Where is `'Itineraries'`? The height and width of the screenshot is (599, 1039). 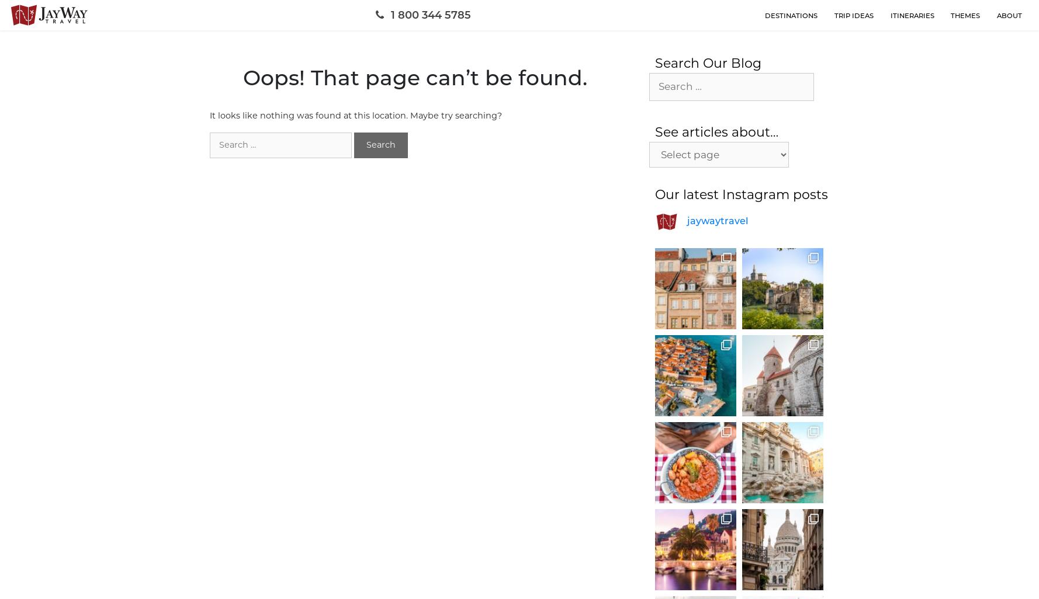 'Itineraries' is located at coordinates (912, 15).